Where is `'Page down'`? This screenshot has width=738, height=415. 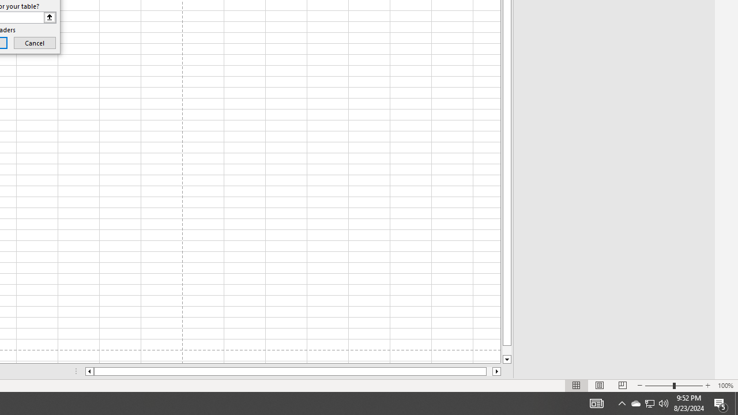
'Page down' is located at coordinates (507, 350).